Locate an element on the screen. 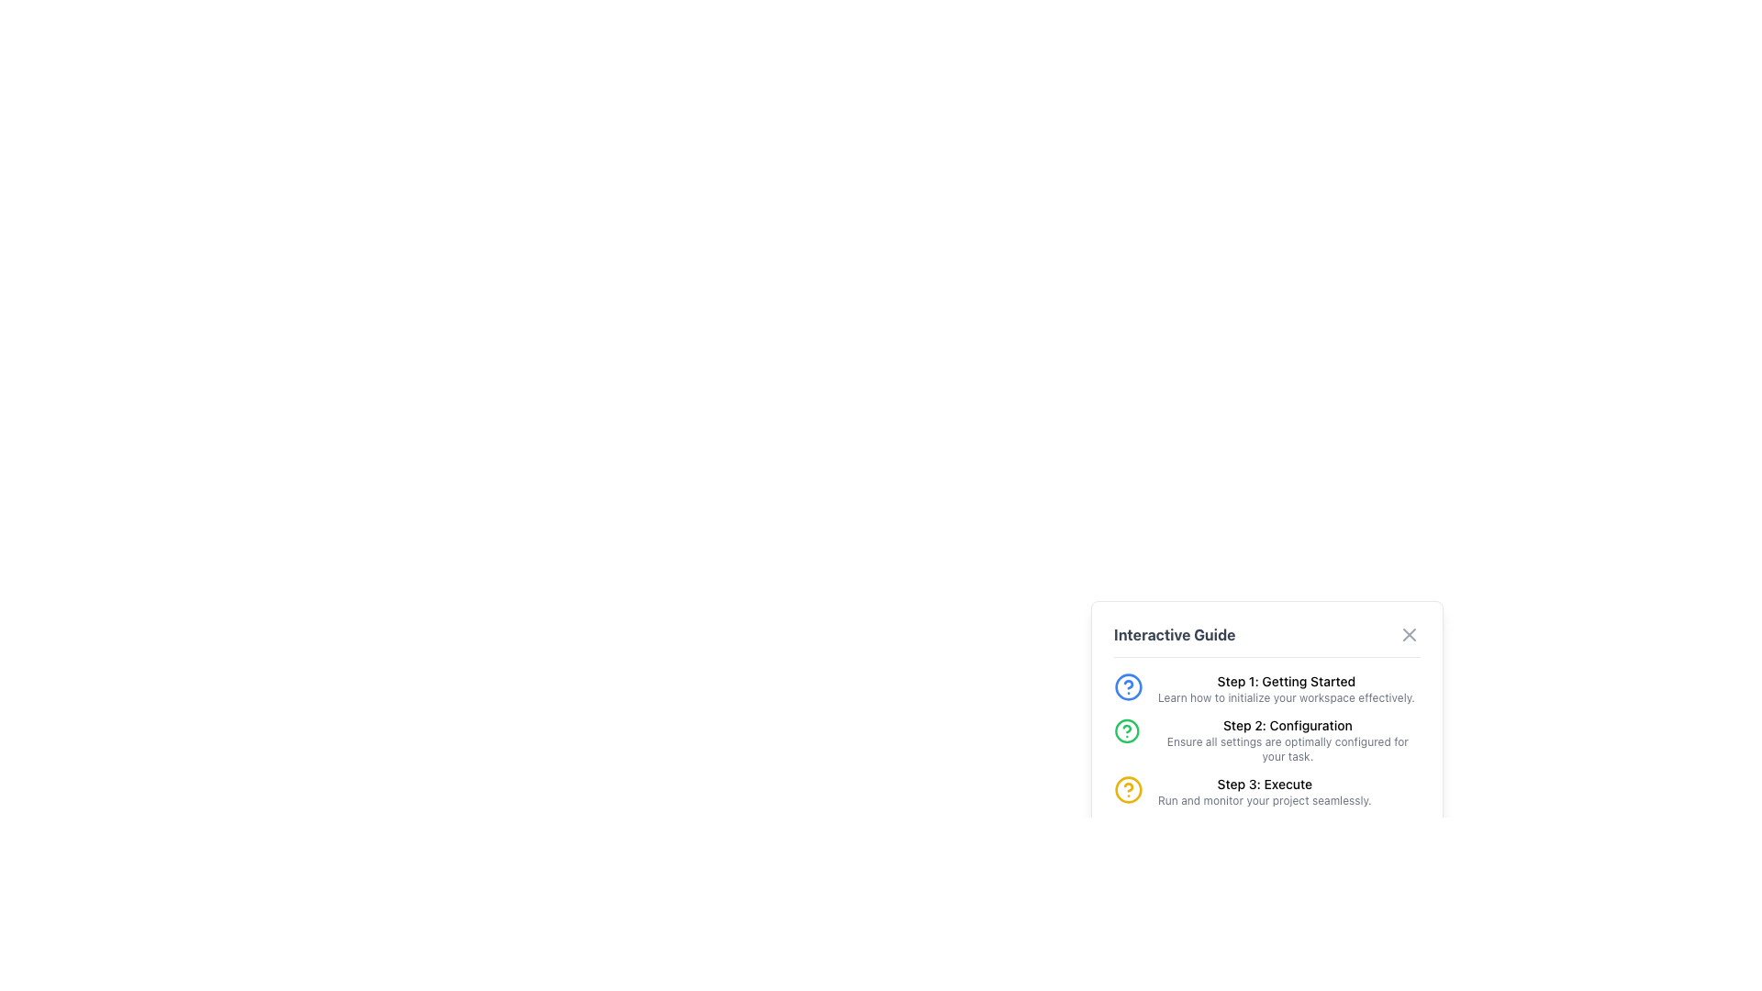 This screenshot has height=991, width=1762. the second text block in the 'Interactive Guide' section, which contains a bold black heading and a smaller gray subtitle, positioned between 'Step 1: Getting Started' and 'Step 3: Execute' is located at coordinates (1287, 739).